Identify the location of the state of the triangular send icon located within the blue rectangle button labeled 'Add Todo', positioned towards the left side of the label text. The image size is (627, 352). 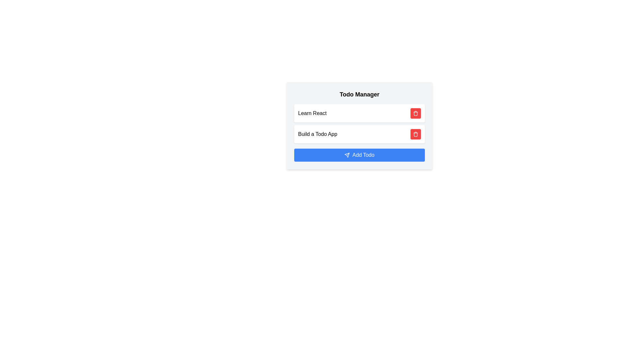
(347, 155).